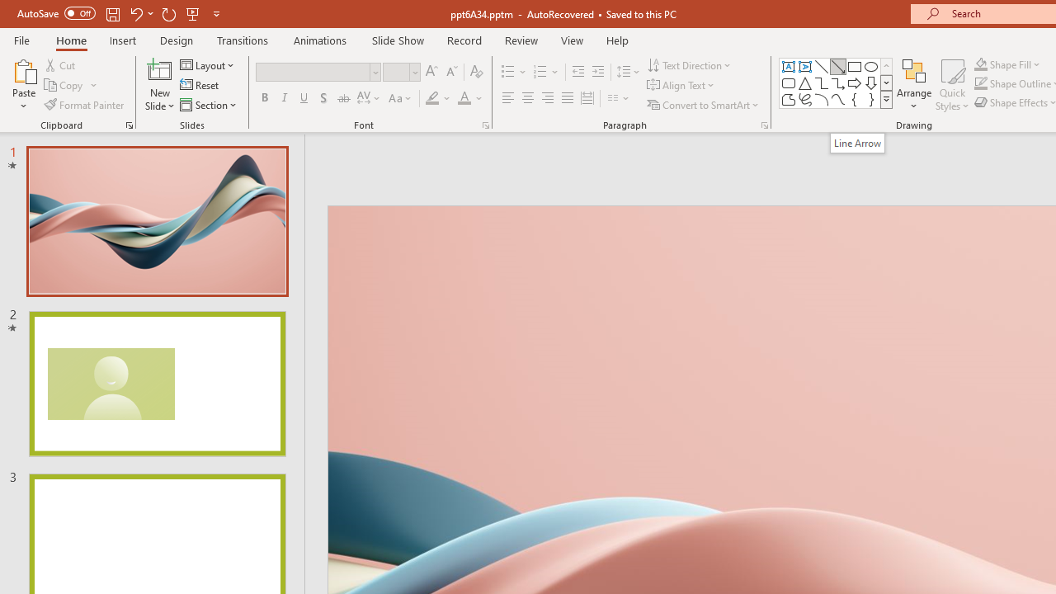  Describe the element at coordinates (396, 71) in the screenshot. I see `'Font Size'` at that location.